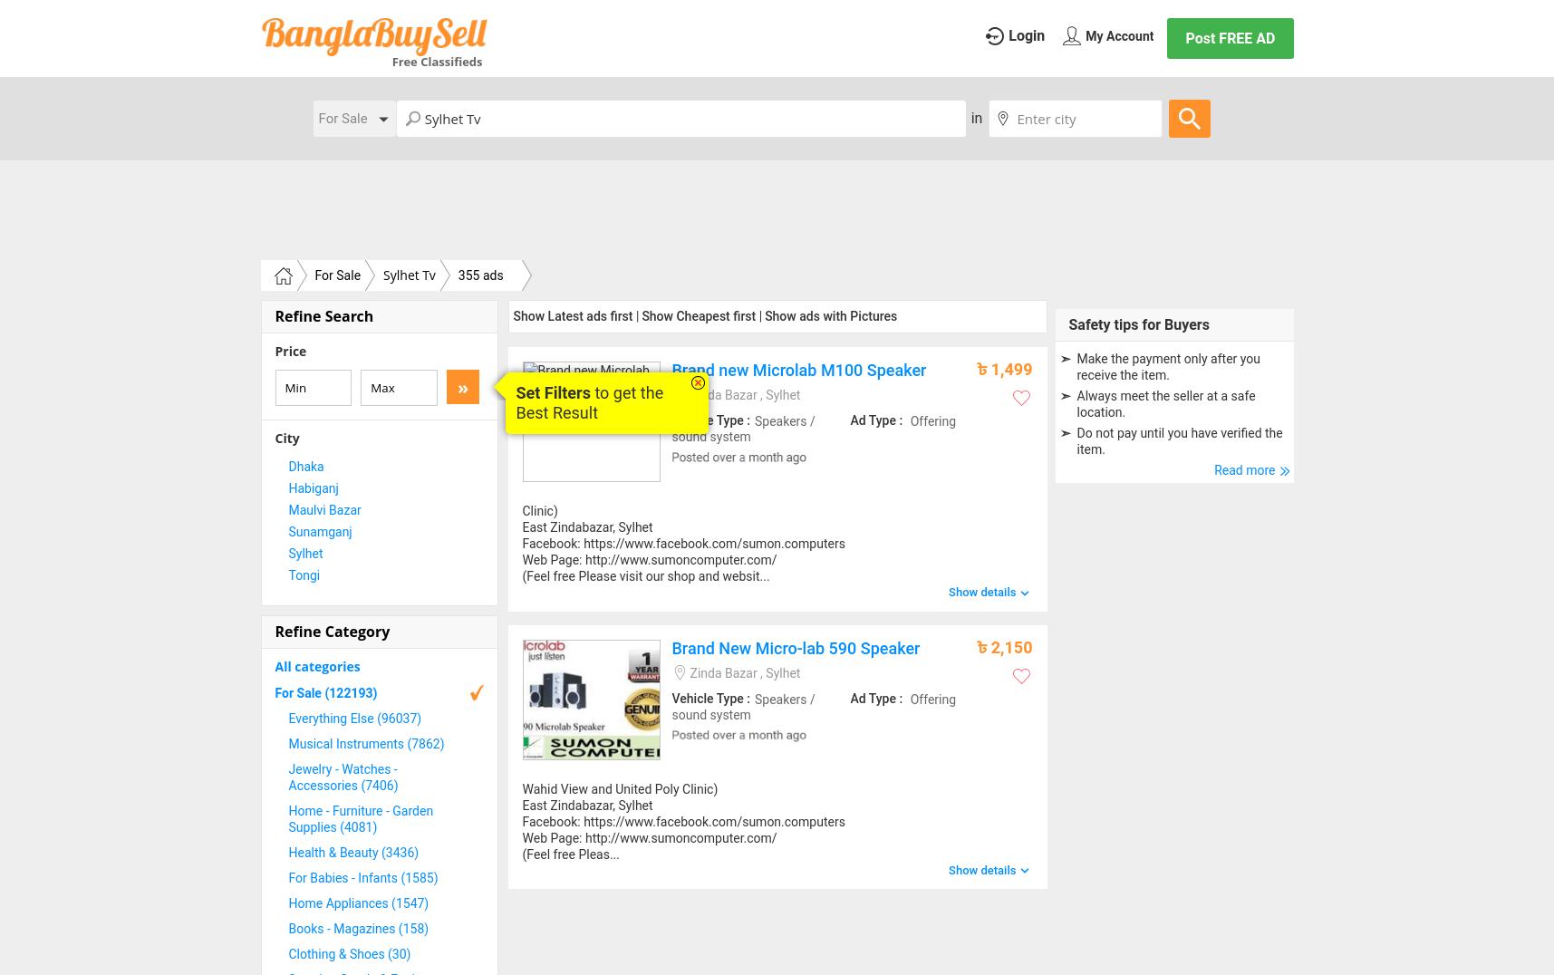  Describe the element at coordinates (303, 574) in the screenshot. I see `'Tongi'` at that location.